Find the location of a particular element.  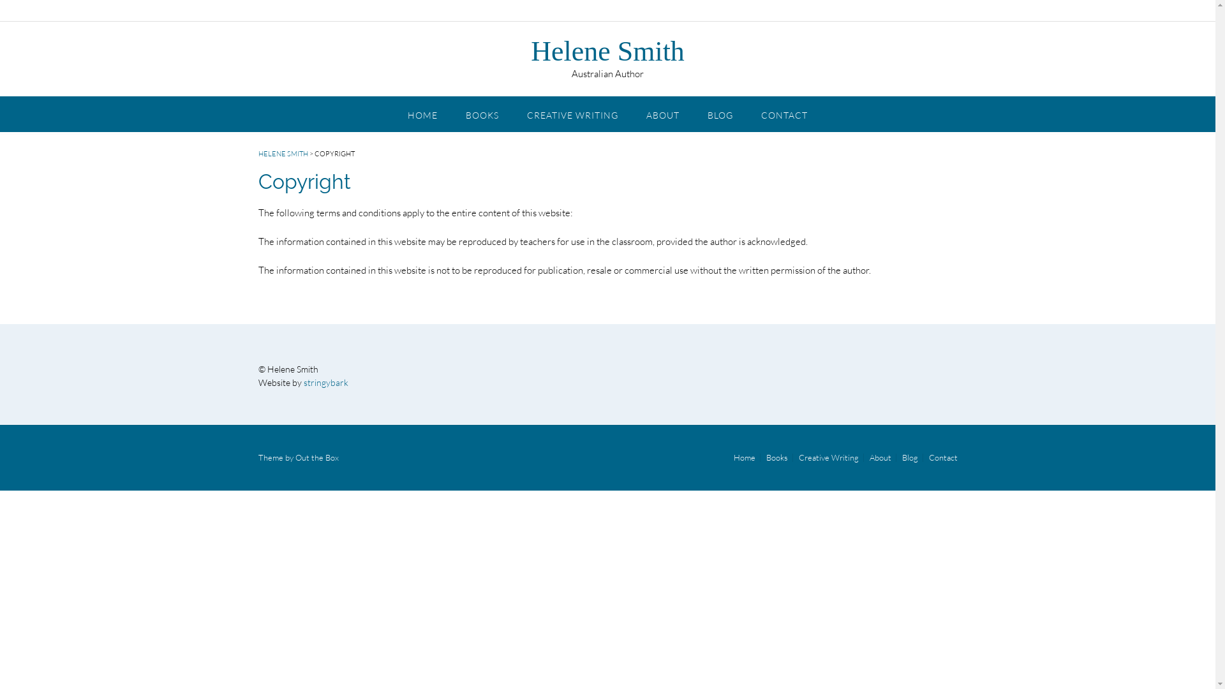

'Creative Writing' is located at coordinates (792, 457).